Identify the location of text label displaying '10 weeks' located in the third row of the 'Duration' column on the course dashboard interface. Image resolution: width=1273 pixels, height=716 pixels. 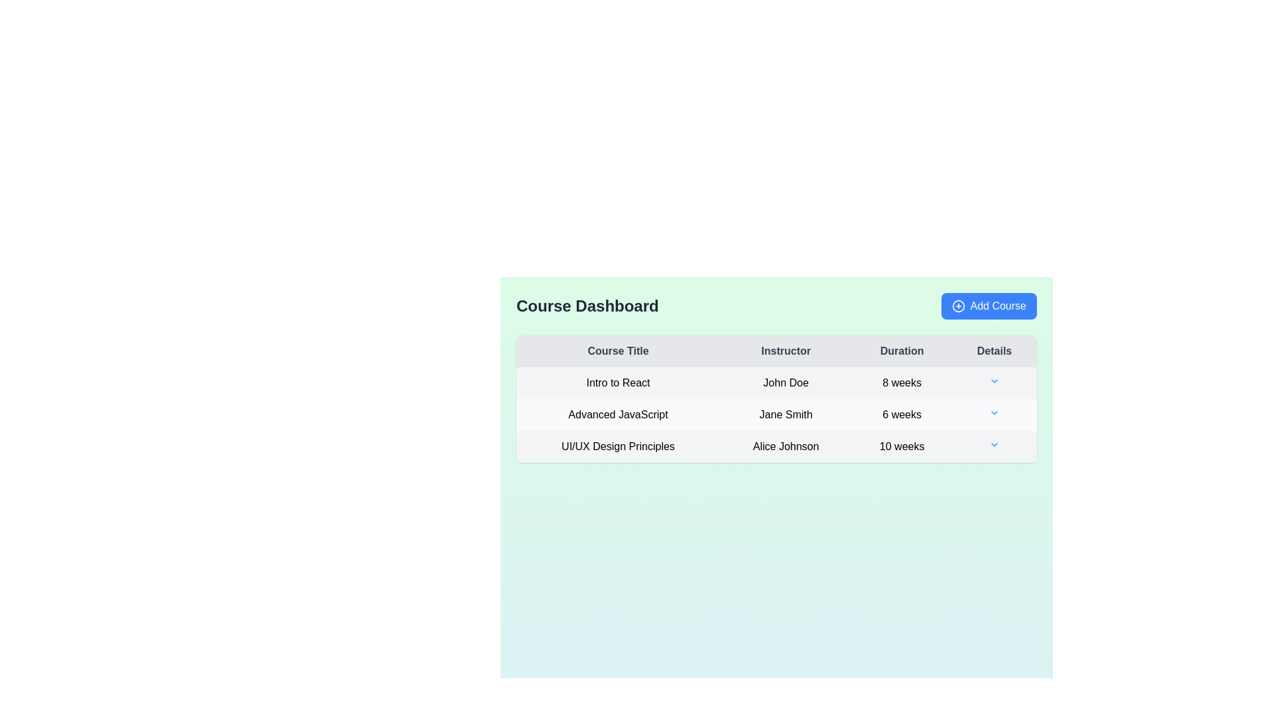
(902, 447).